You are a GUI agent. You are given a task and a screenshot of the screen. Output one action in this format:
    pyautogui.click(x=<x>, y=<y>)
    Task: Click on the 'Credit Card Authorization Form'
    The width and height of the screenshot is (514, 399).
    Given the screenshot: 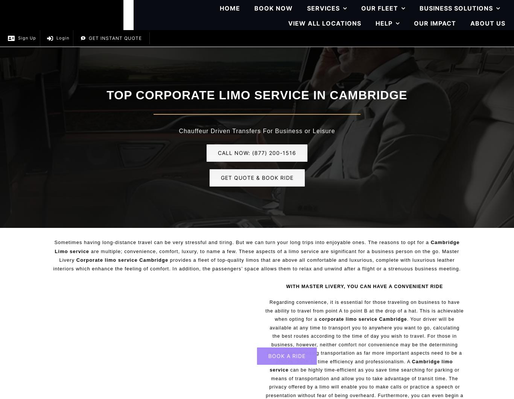 What is the action you would take?
    pyautogui.click(x=424, y=79)
    